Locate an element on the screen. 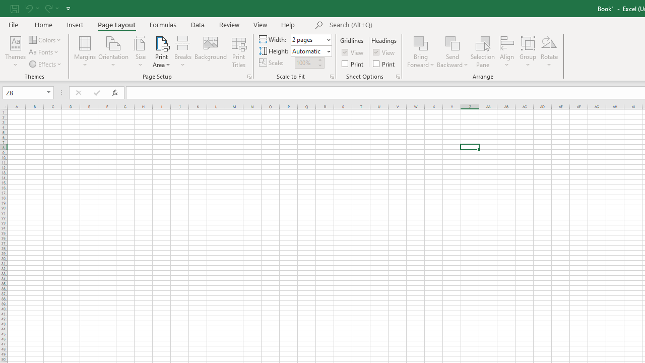 The width and height of the screenshot is (645, 363). 'Width' is located at coordinates (311, 39).